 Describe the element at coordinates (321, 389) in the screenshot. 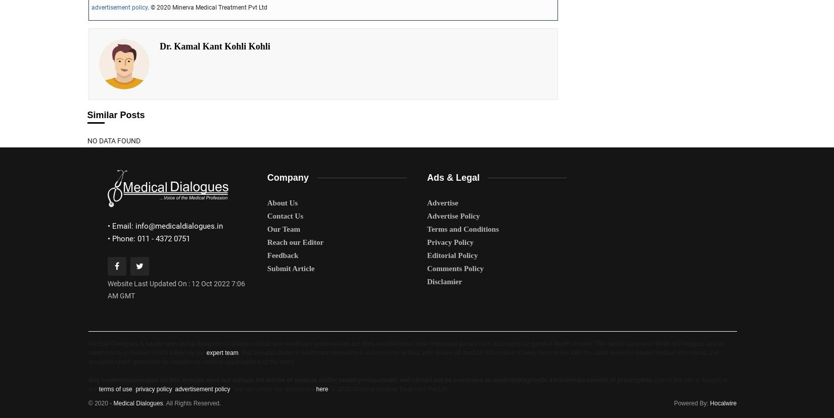

I see `'here'` at that location.